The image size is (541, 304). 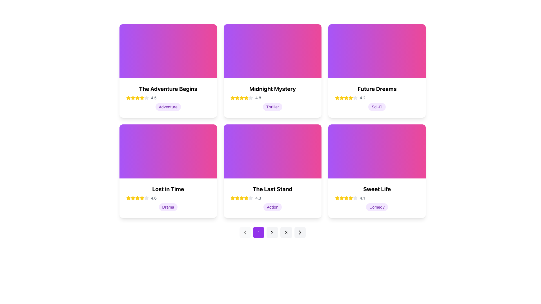 What do you see at coordinates (246, 198) in the screenshot?
I see `the third yellow star icon in the rating system under the card labeled 'The Last Stand'` at bounding box center [246, 198].